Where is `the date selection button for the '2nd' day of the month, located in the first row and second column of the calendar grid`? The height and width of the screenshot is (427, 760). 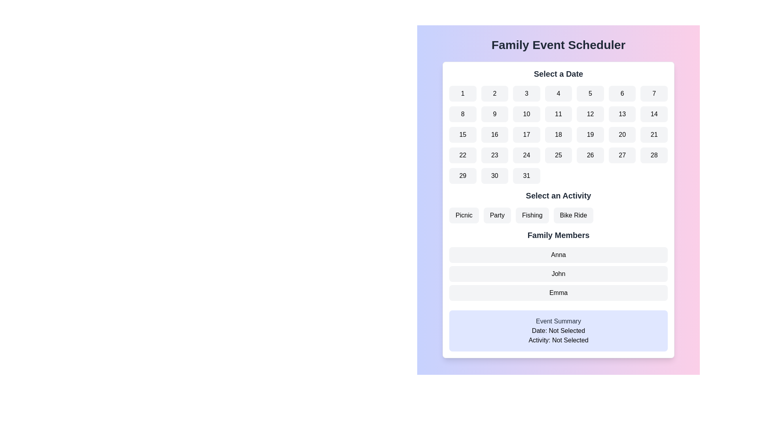 the date selection button for the '2nd' day of the month, located in the first row and second column of the calendar grid is located at coordinates (494, 93).